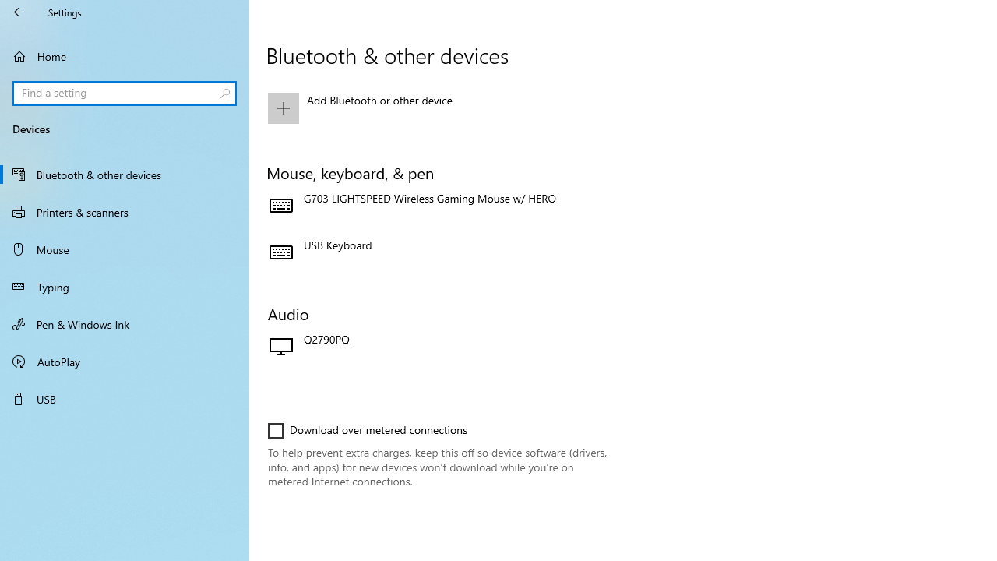 The image size is (997, 561). What do you see at coordinates (125, 93) in the screenshot?
I see `'Search box, Find a setting'` at bounding box center [125, 93].